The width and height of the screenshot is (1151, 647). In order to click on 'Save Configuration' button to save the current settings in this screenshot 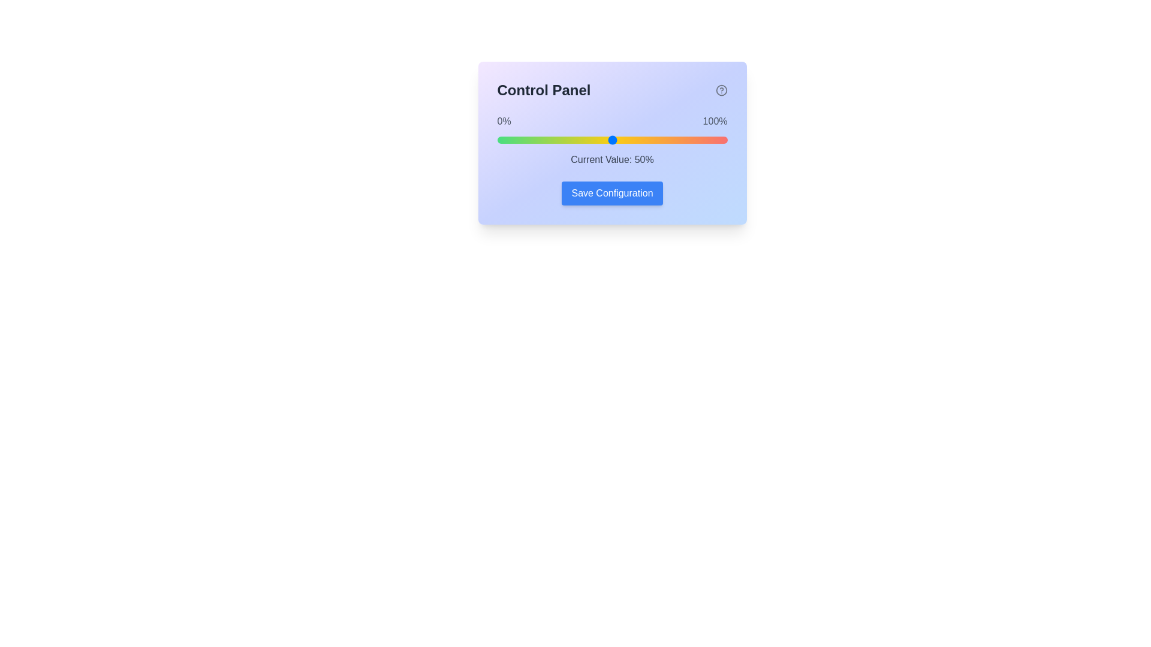, I will do `click(612, 193)`.